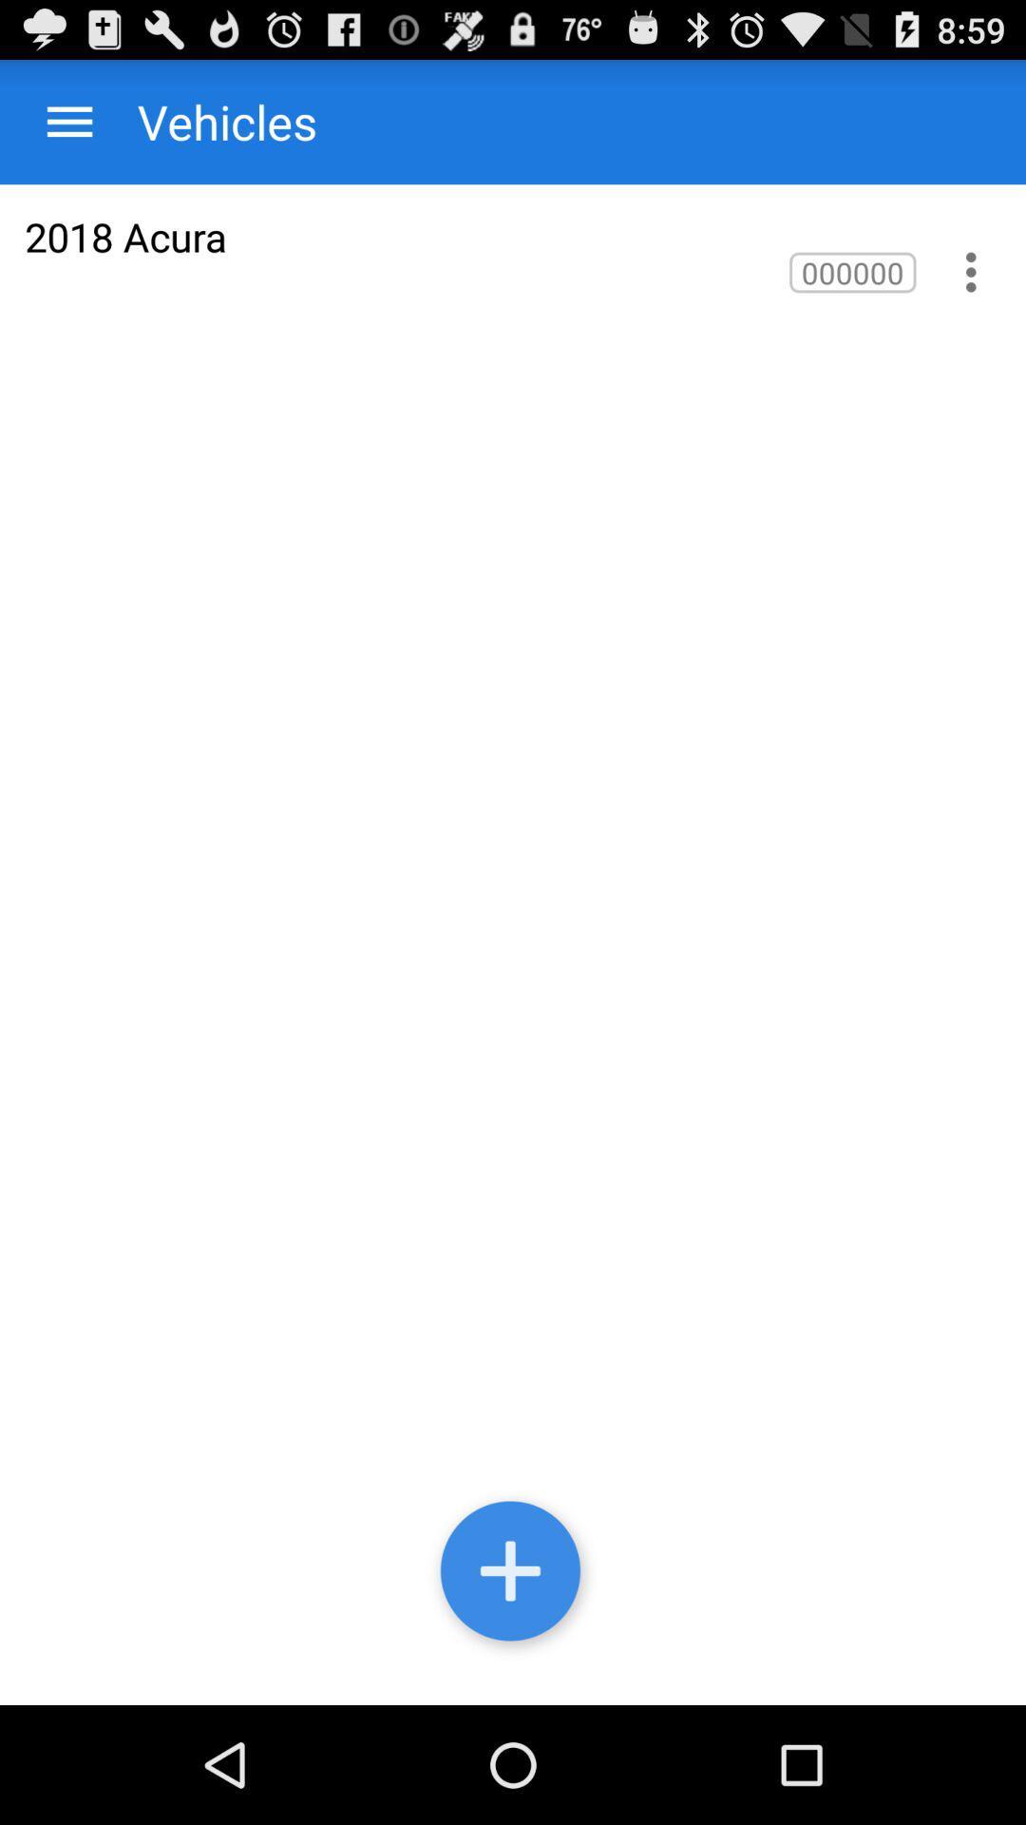 This screenshot has width=1026, height=1825. What do you see at coordinates (68, 121) in the screenshot?
I see `open menu` at bounding box center [68, 121].